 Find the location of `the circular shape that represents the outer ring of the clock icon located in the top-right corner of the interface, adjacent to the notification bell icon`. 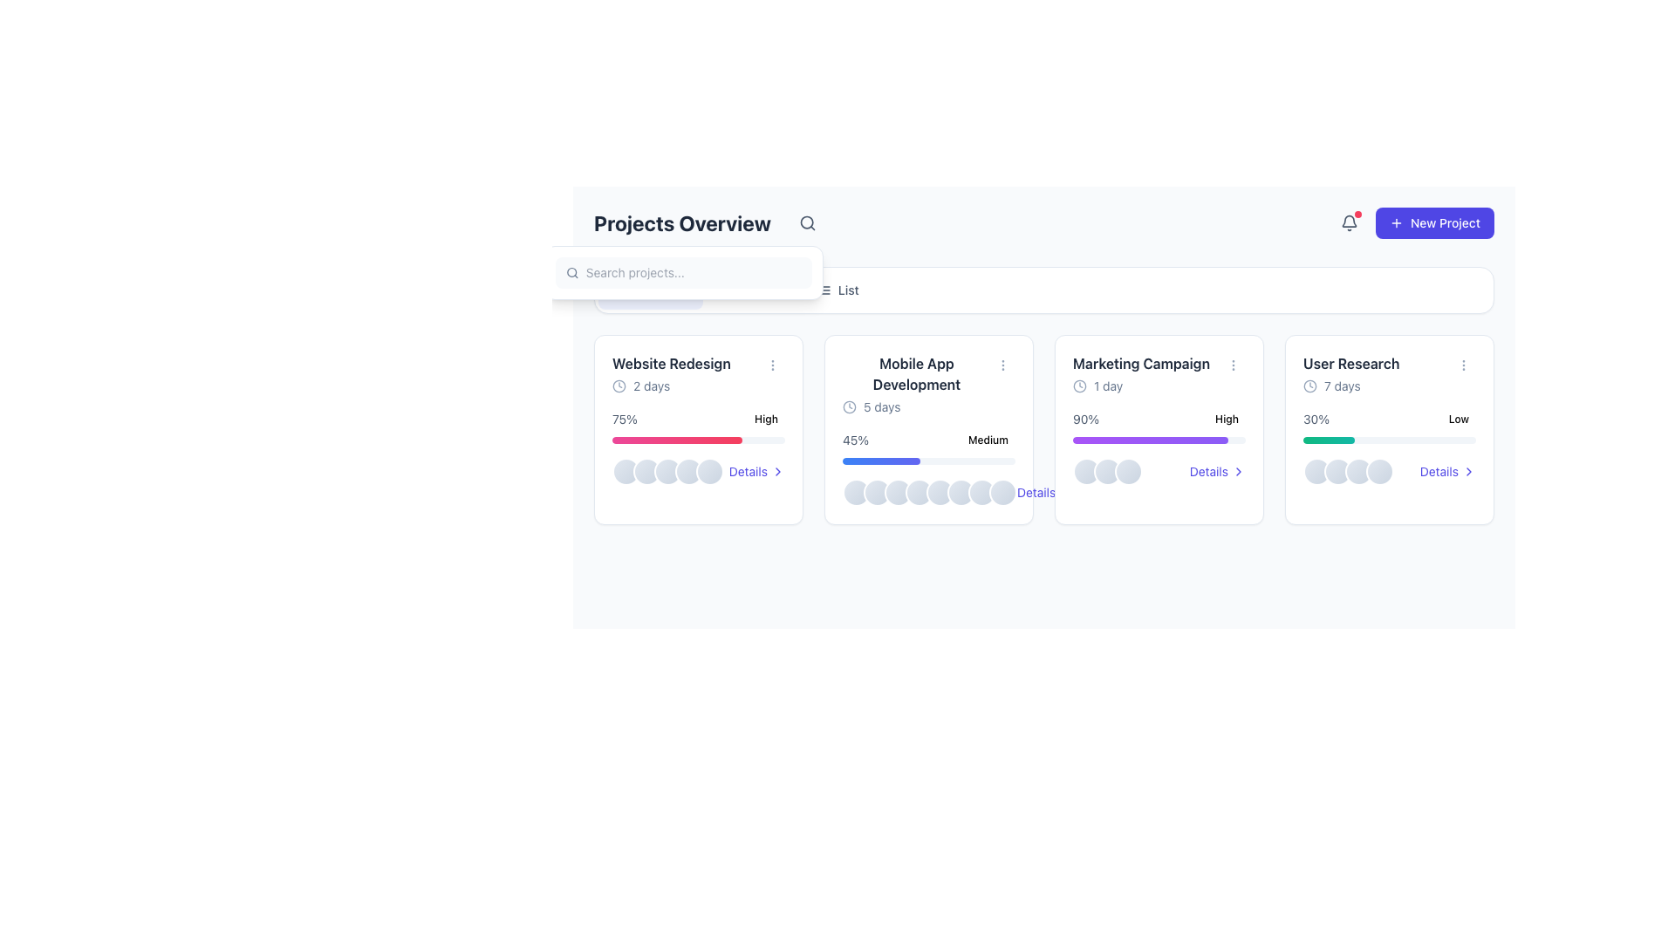

the circular shape that represents the outer ring of the clock icon located in the top-right corner of the interface, adjacent to the notification bell icon is located at coordinates (1079, 386).